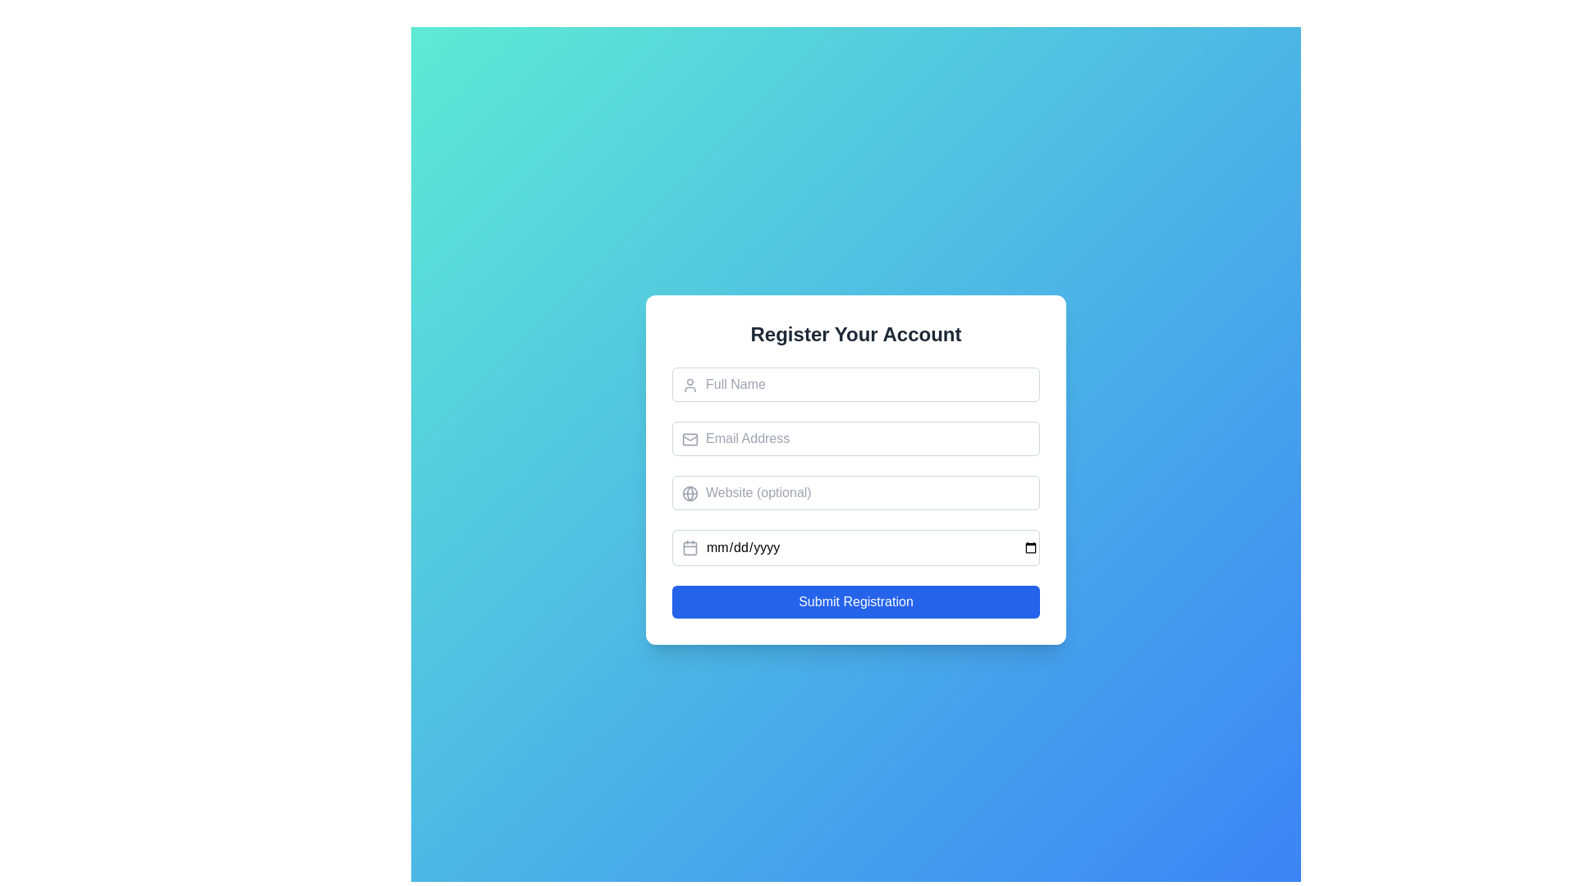 This screenshot has height=886, width=1576. Describe the element at coordinates (689, 386) in the screenshot. I see `the user profile icon, which is a gray icon shaped like a user's bust and head, located in the top-left corner of the 'Full Name' text input field in the user registration form` at that location.